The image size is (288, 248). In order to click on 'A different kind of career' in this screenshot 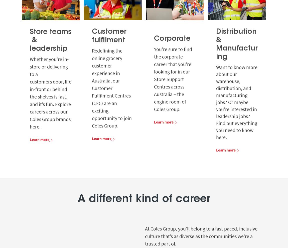, I will do `click(144, 199)`.